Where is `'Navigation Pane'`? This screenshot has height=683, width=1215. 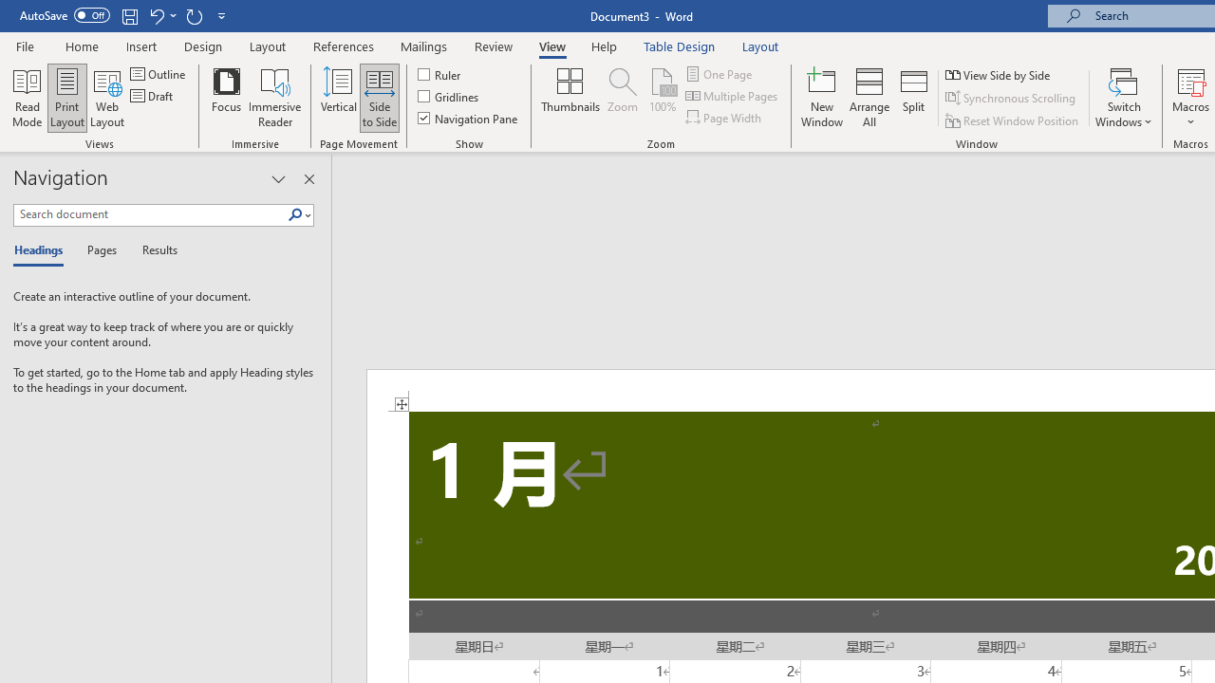 'Navigation Pane' is located at coordinates (469, 118).